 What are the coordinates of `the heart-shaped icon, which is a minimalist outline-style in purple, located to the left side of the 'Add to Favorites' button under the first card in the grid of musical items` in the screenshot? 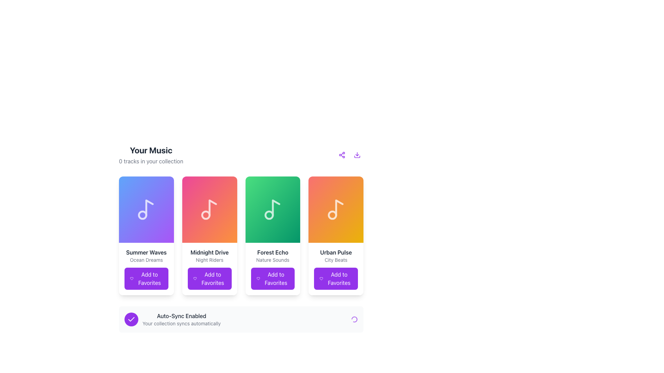 It's located at (132, 278).